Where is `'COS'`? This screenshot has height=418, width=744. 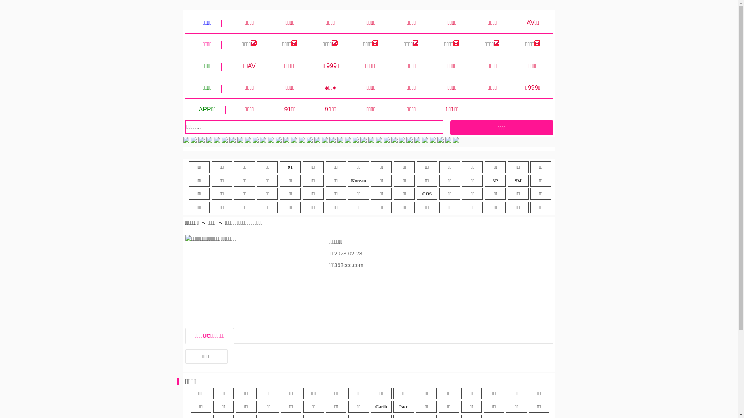 'COS' is located at coordinates (416, 194).